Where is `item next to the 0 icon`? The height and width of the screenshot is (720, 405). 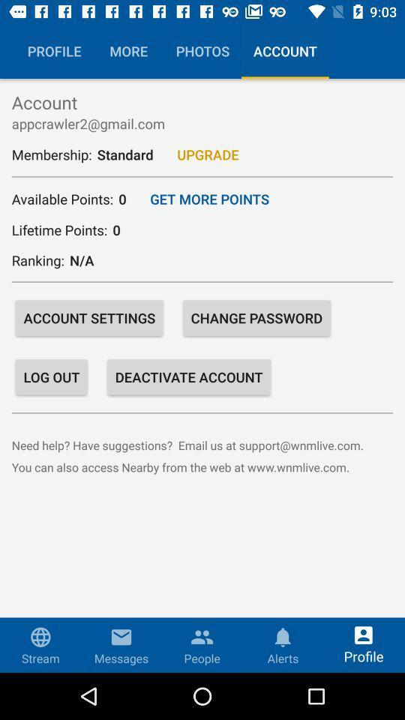 item next to the 0 icon is located at coordinates (208, 198).